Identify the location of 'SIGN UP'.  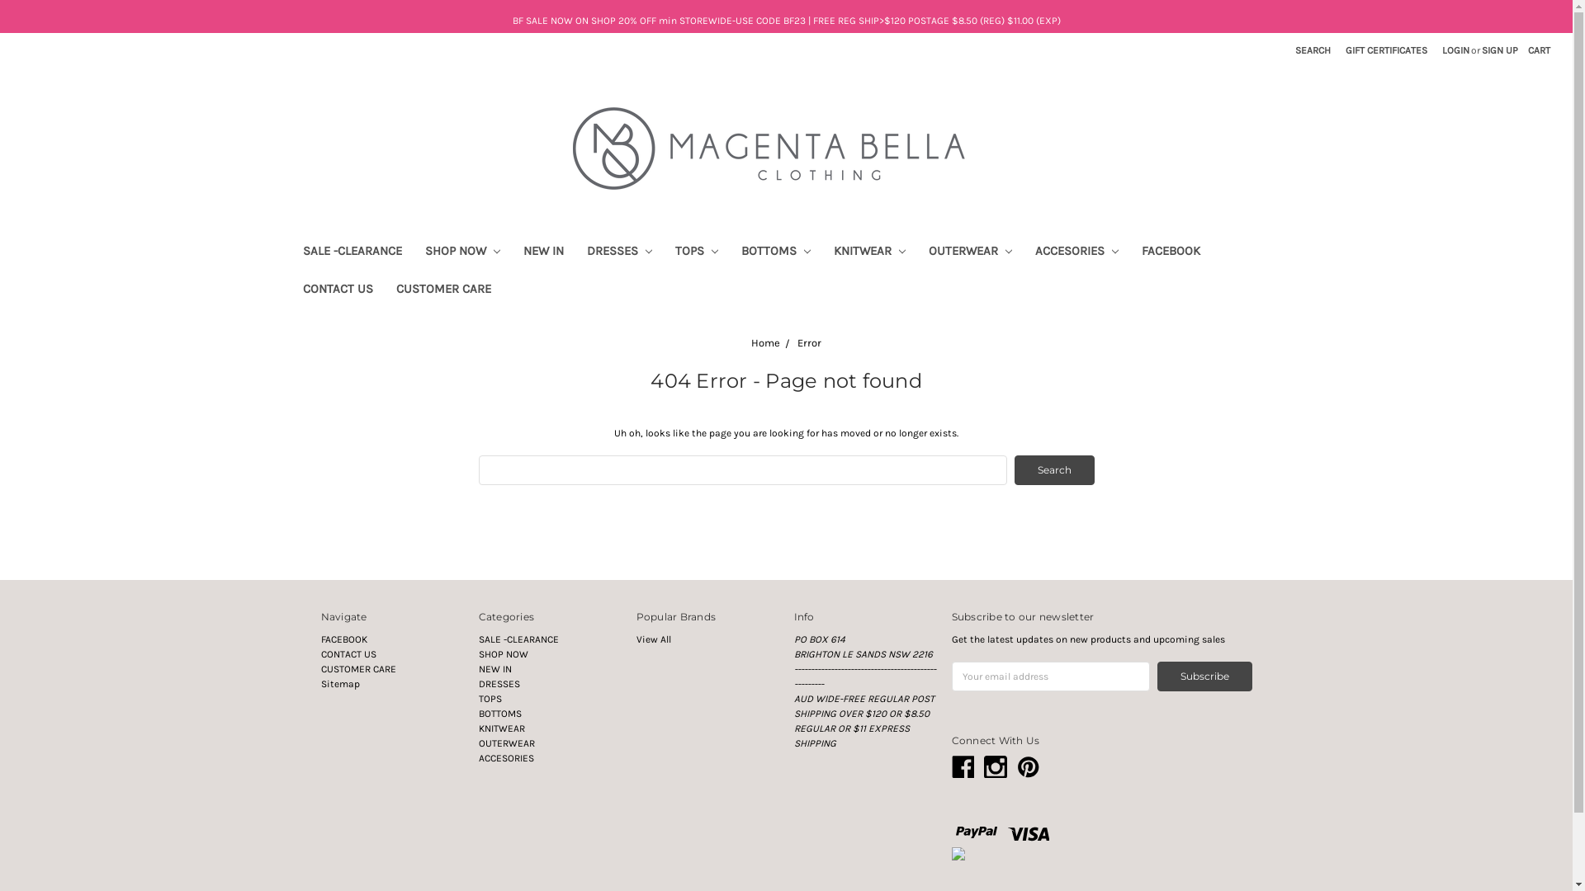
(1500, 49).